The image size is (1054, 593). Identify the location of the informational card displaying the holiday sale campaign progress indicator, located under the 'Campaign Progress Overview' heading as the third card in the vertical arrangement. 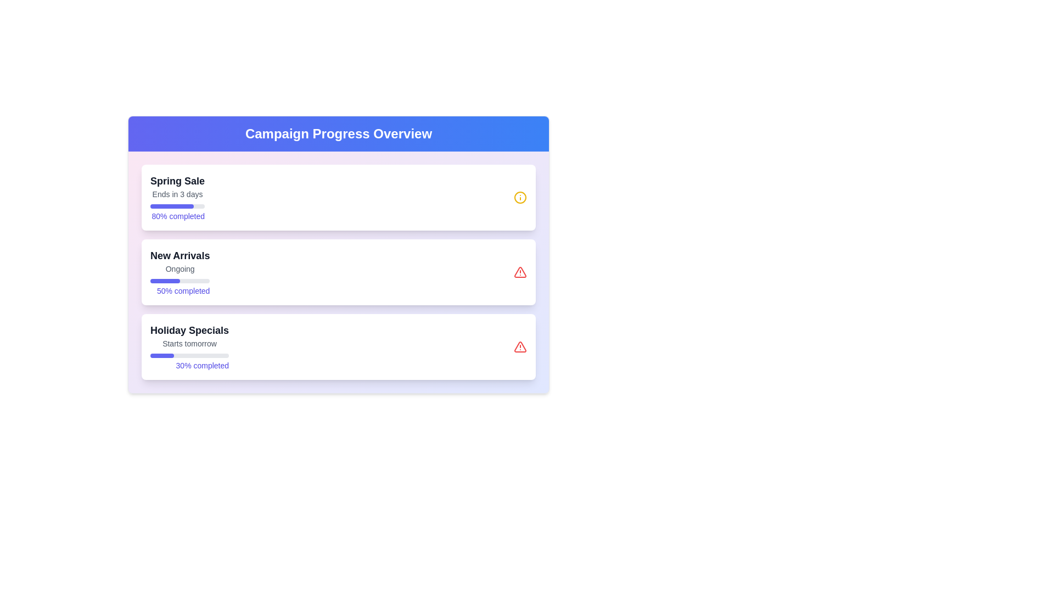
(189, 347).